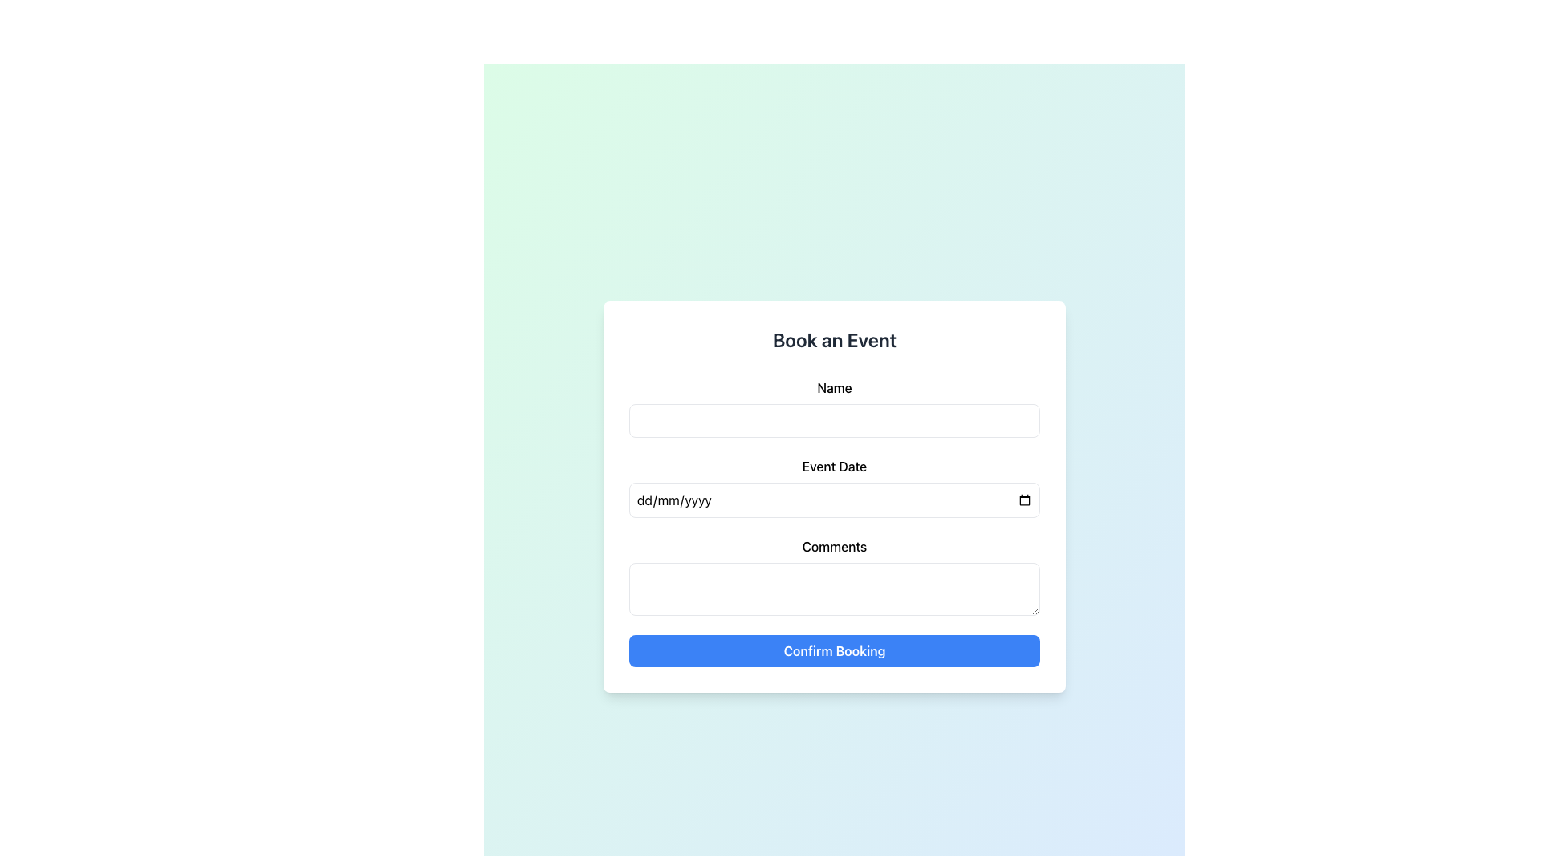 The image size is (1541, 866). What do you see at coordinates (835, 487) in the screenshot?
I see `the Date Input Field labeled 'Event Date'` at bounding box center [835, 487].